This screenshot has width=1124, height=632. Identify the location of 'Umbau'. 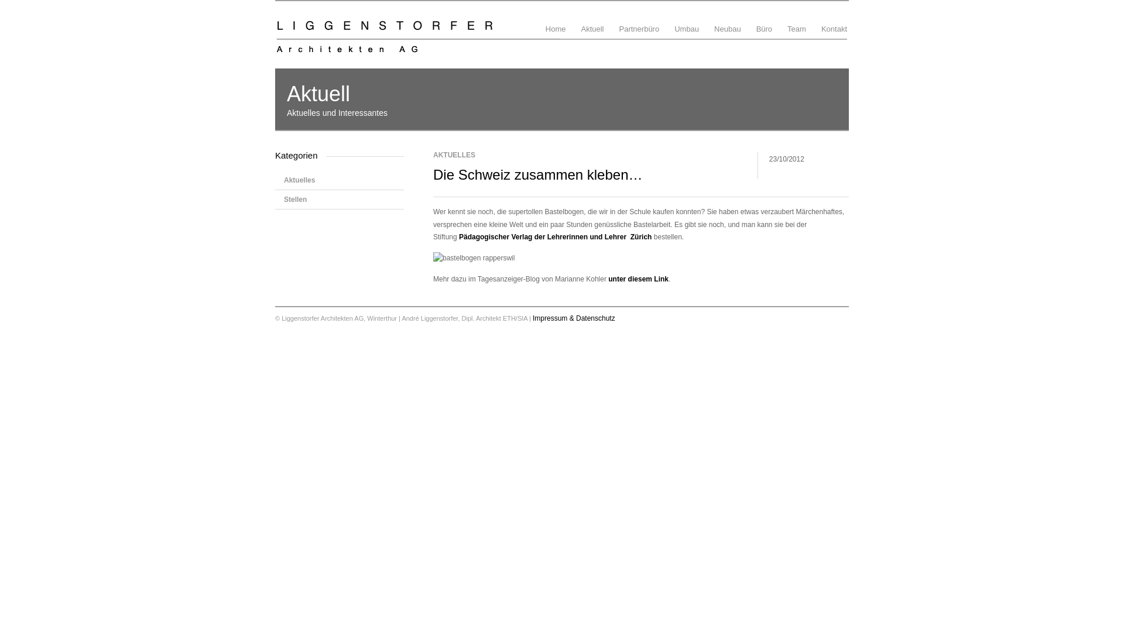
(672, 19).